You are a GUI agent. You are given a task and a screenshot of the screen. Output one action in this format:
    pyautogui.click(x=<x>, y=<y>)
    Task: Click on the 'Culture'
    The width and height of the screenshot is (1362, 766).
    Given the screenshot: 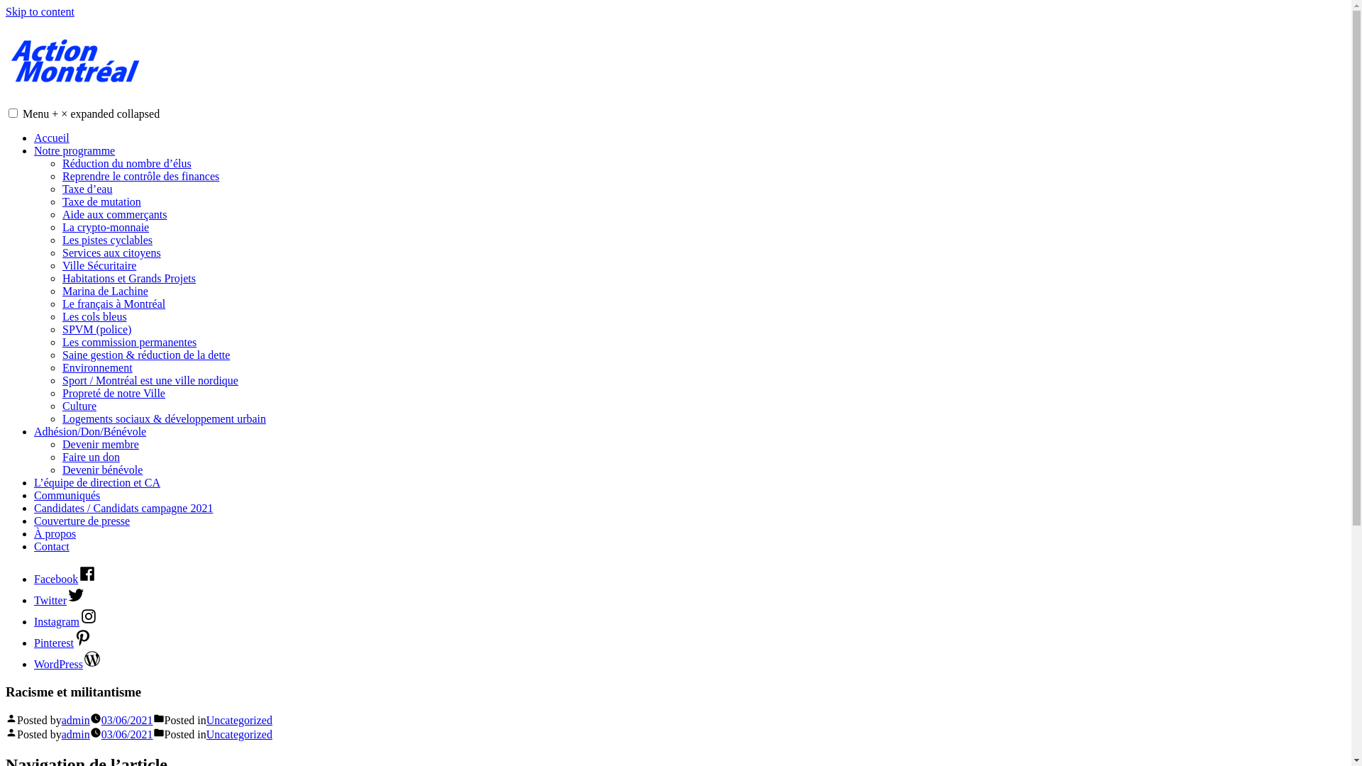 What is the action you would take?
    pyautogui.click(x=78, y=406)
    